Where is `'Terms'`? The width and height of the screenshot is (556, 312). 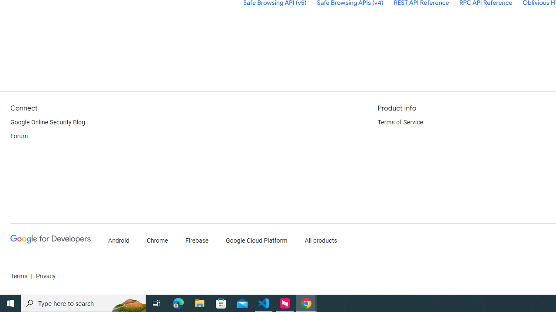
'Terms' is located at coordinates (19, 276).